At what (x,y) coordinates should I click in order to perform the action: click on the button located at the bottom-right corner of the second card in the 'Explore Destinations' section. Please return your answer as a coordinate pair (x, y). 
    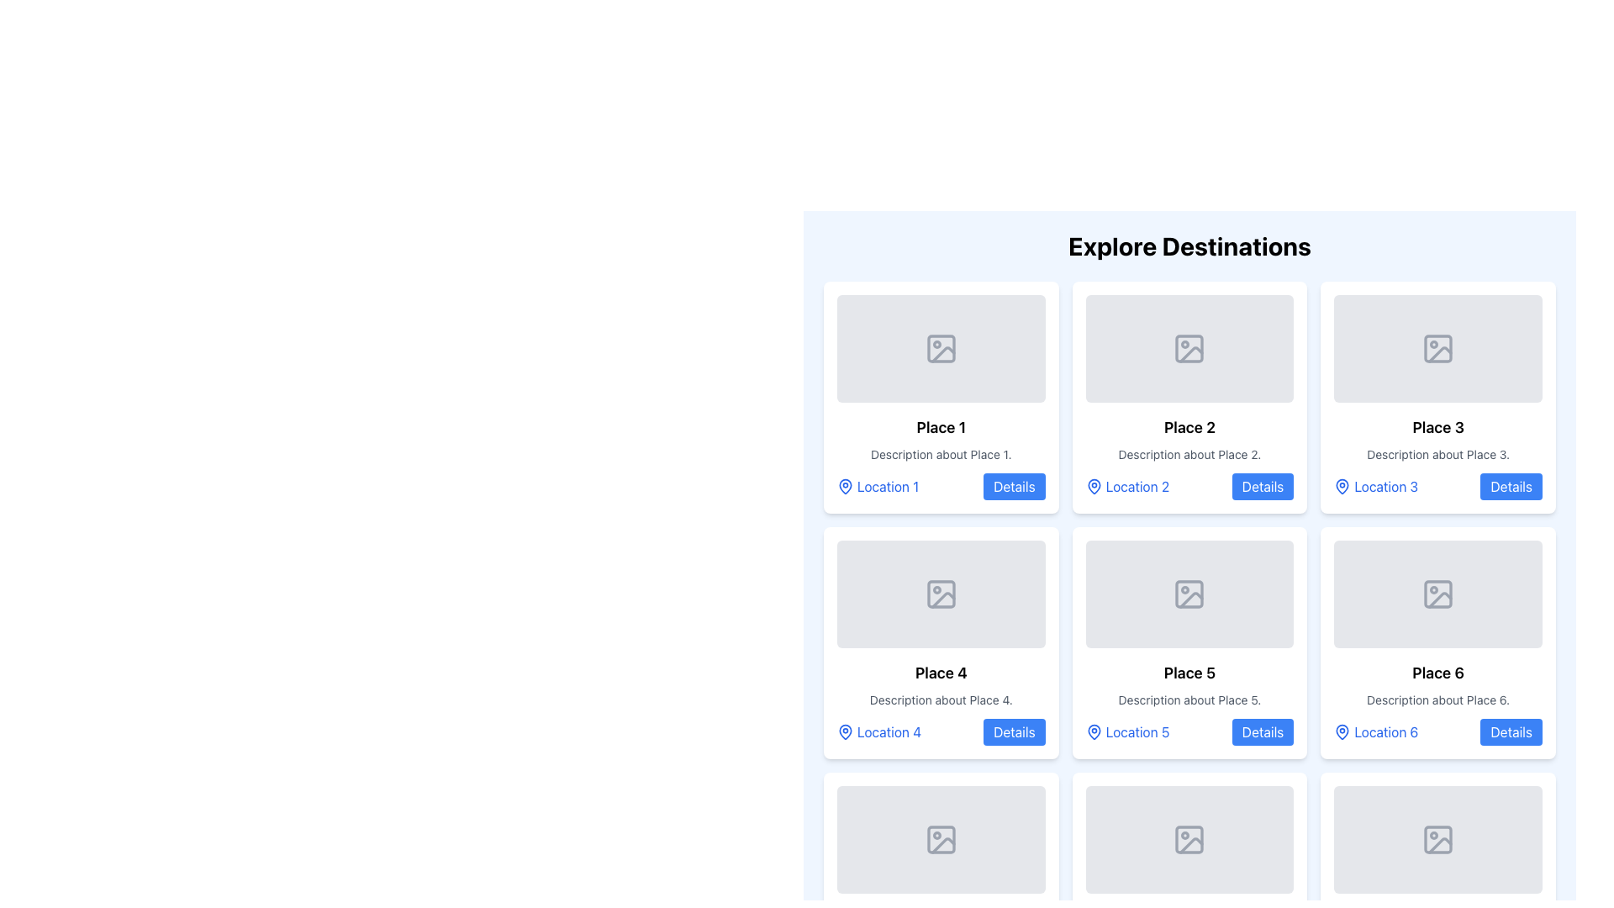
    Looking at the image, I should click on (1263, 486).